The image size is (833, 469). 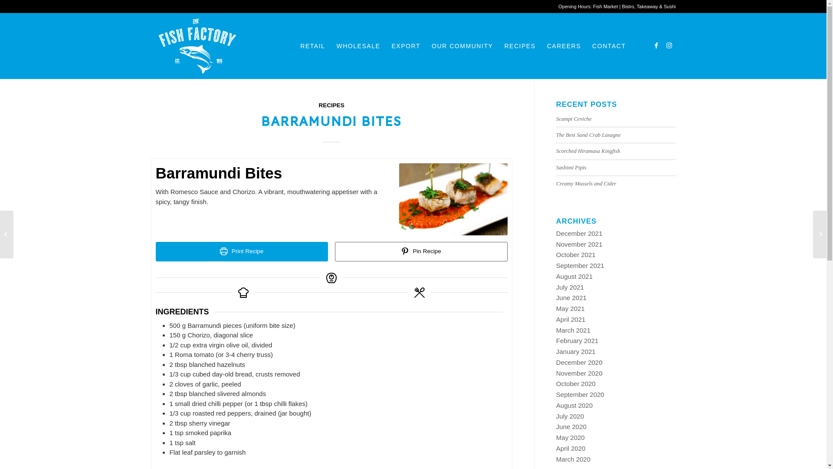 I want to click on 'December 2021', so click(x=579, y=233).